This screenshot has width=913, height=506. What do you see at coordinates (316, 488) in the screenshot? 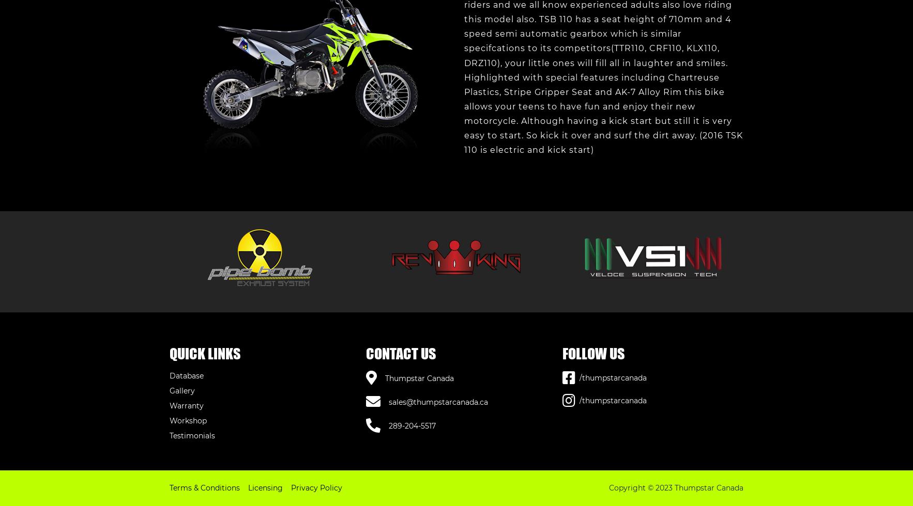
I see `'Privacy Policy'` at bounding box center [316, 488].